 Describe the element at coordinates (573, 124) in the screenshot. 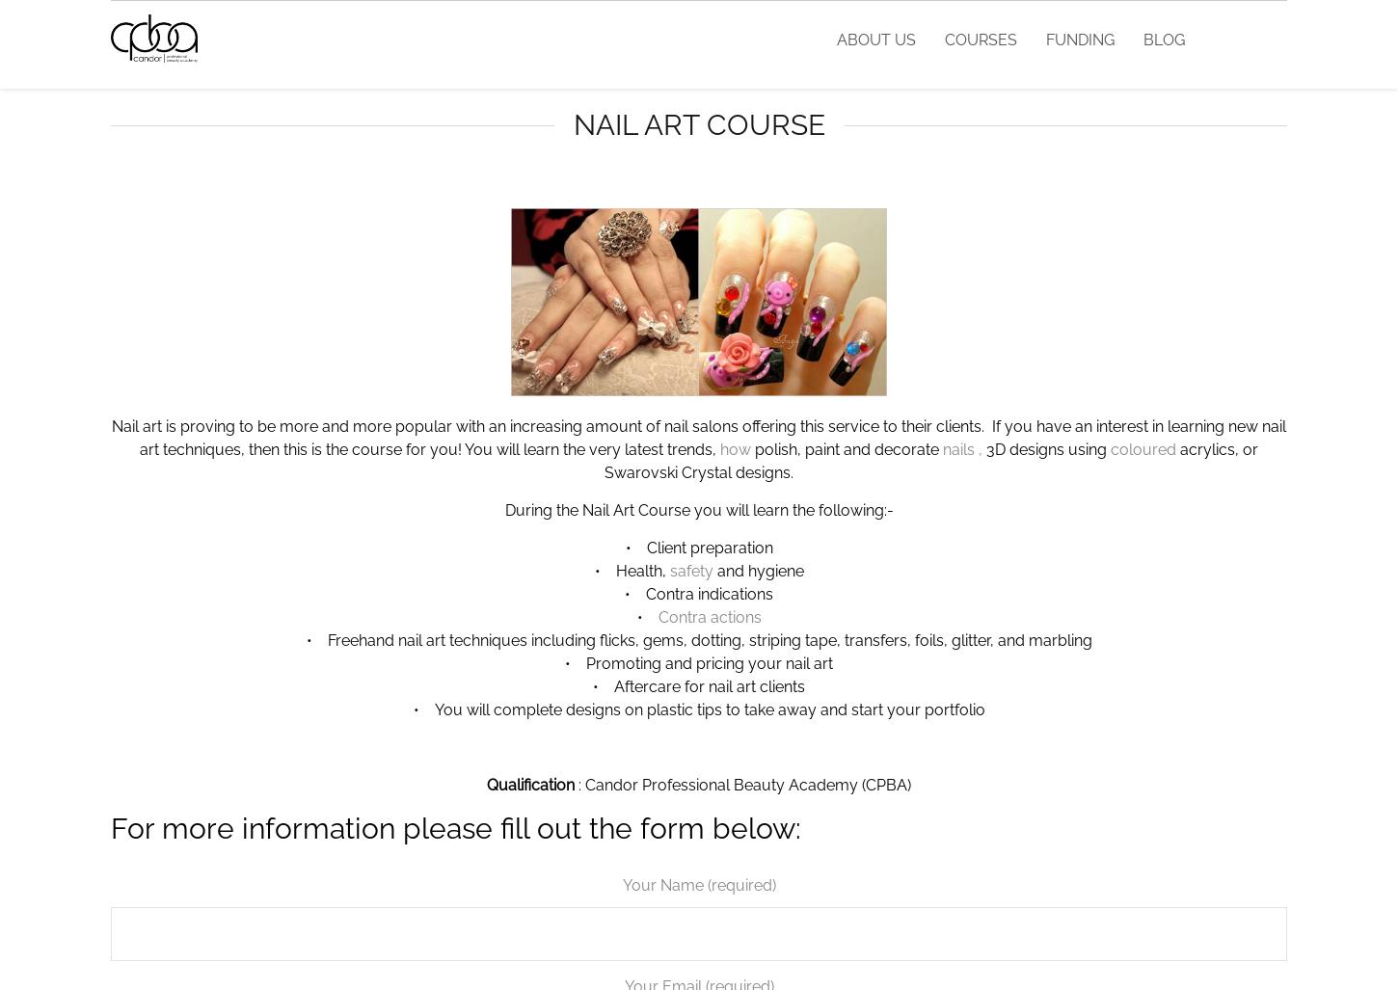

I see `'Nail Art Course'` at that location.